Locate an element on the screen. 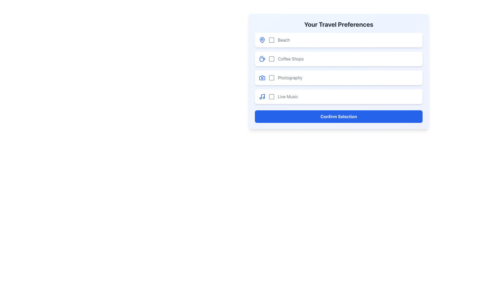  the 'Coffee Shops' text label element, which is styled in gray and is positioned in the second row under 'Your Travel Preferences', between a coffee icon and a checkbox is located at coordinates (291, 59).